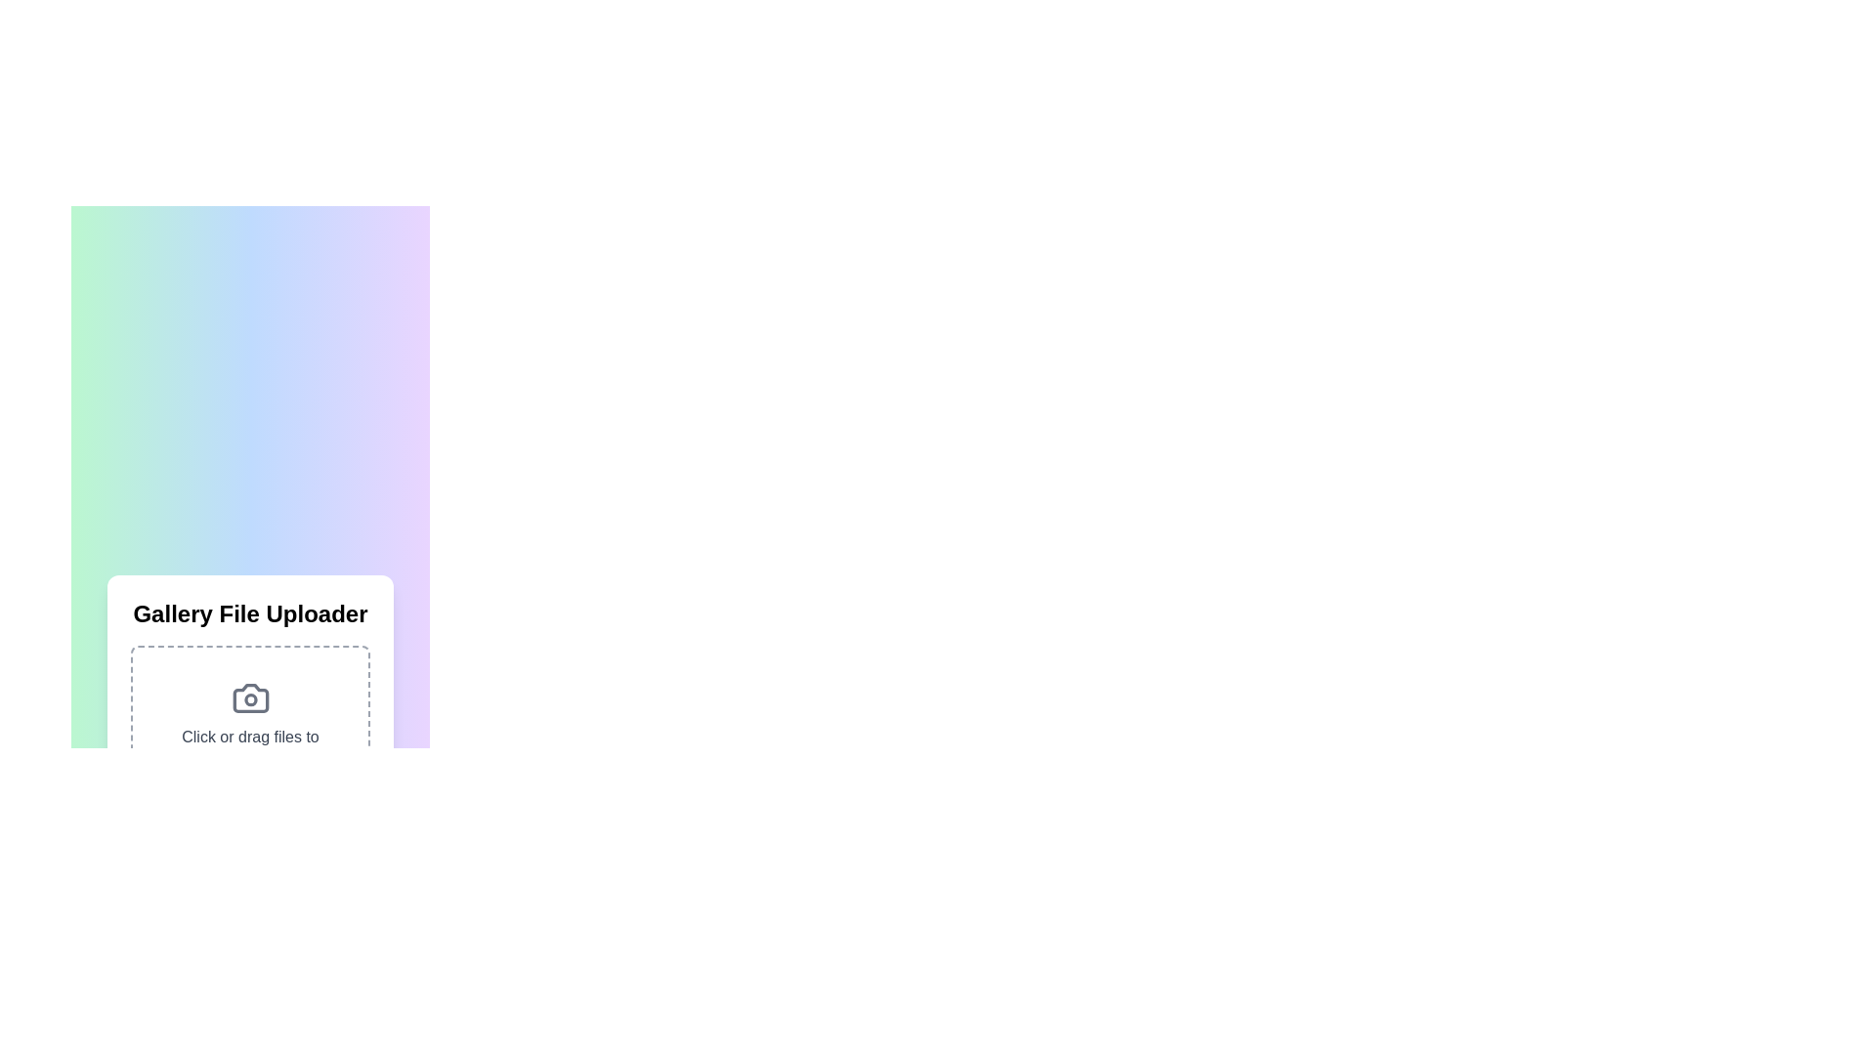 This screenshot has width=1876, height=1055. What do you see at coordinates (249, 748) in the screenshot?
I see `the text label that provides instructions for uploading files, located below the camera icon in the file uploader component` at bounding box center [249, 748].